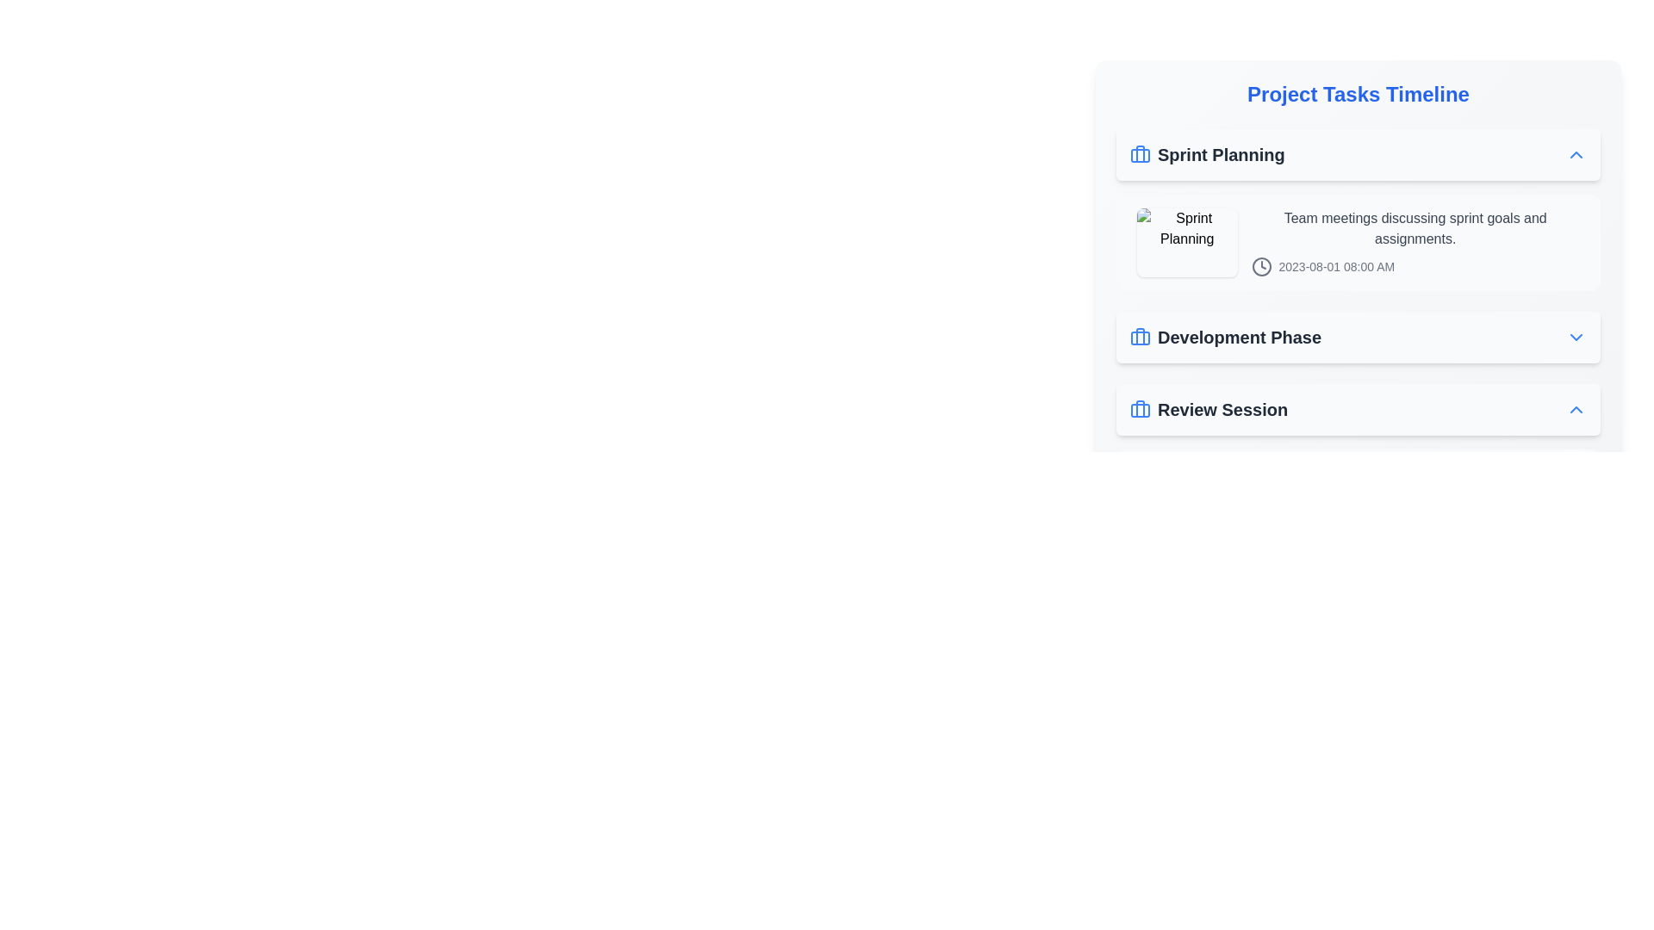 The image size is (1654, 930). Describe the element at coordinates (1358, 208) in the screenshot. I see `the first List item in the timeline with detailed content about the 'Sprint Planning' event` at that location.